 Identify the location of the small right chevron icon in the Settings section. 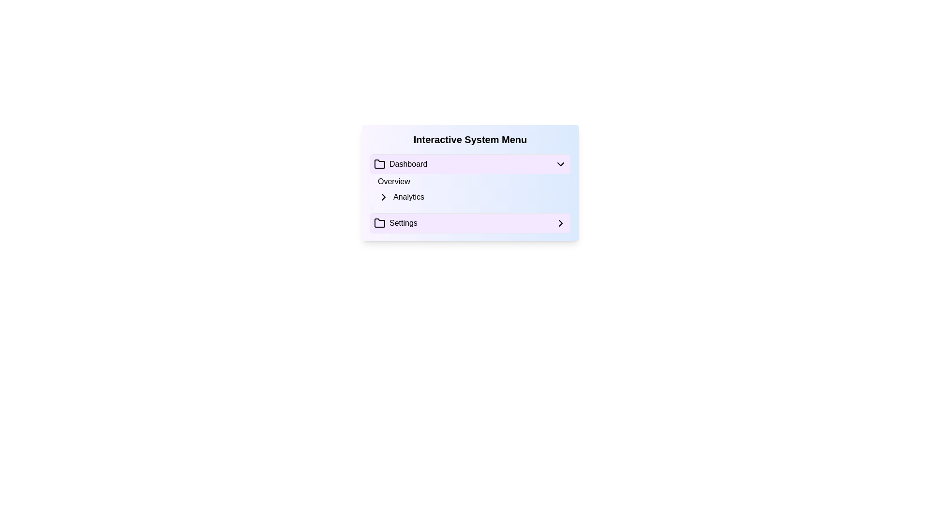
(560, 223).